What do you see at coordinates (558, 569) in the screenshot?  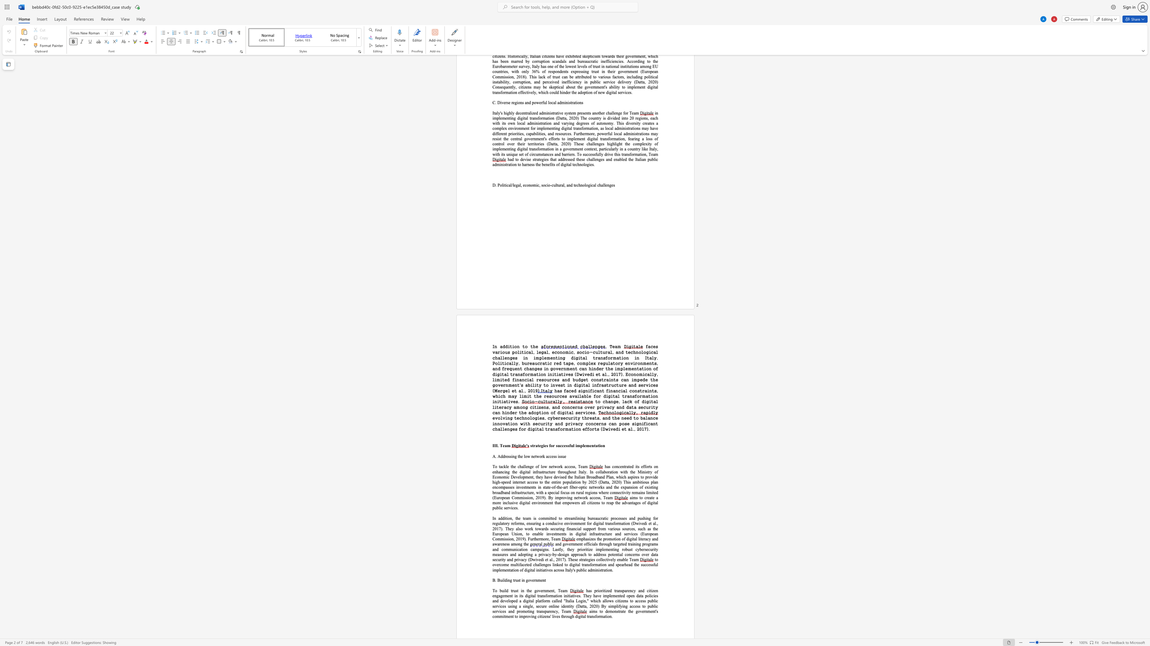 I see `the subset text "oss Italy" within the text "to overcome multifaceted challenges linked to digital transformation and spearhead the successful implementation of digital initiatives across Italy"` at bounding box center [558, 569].